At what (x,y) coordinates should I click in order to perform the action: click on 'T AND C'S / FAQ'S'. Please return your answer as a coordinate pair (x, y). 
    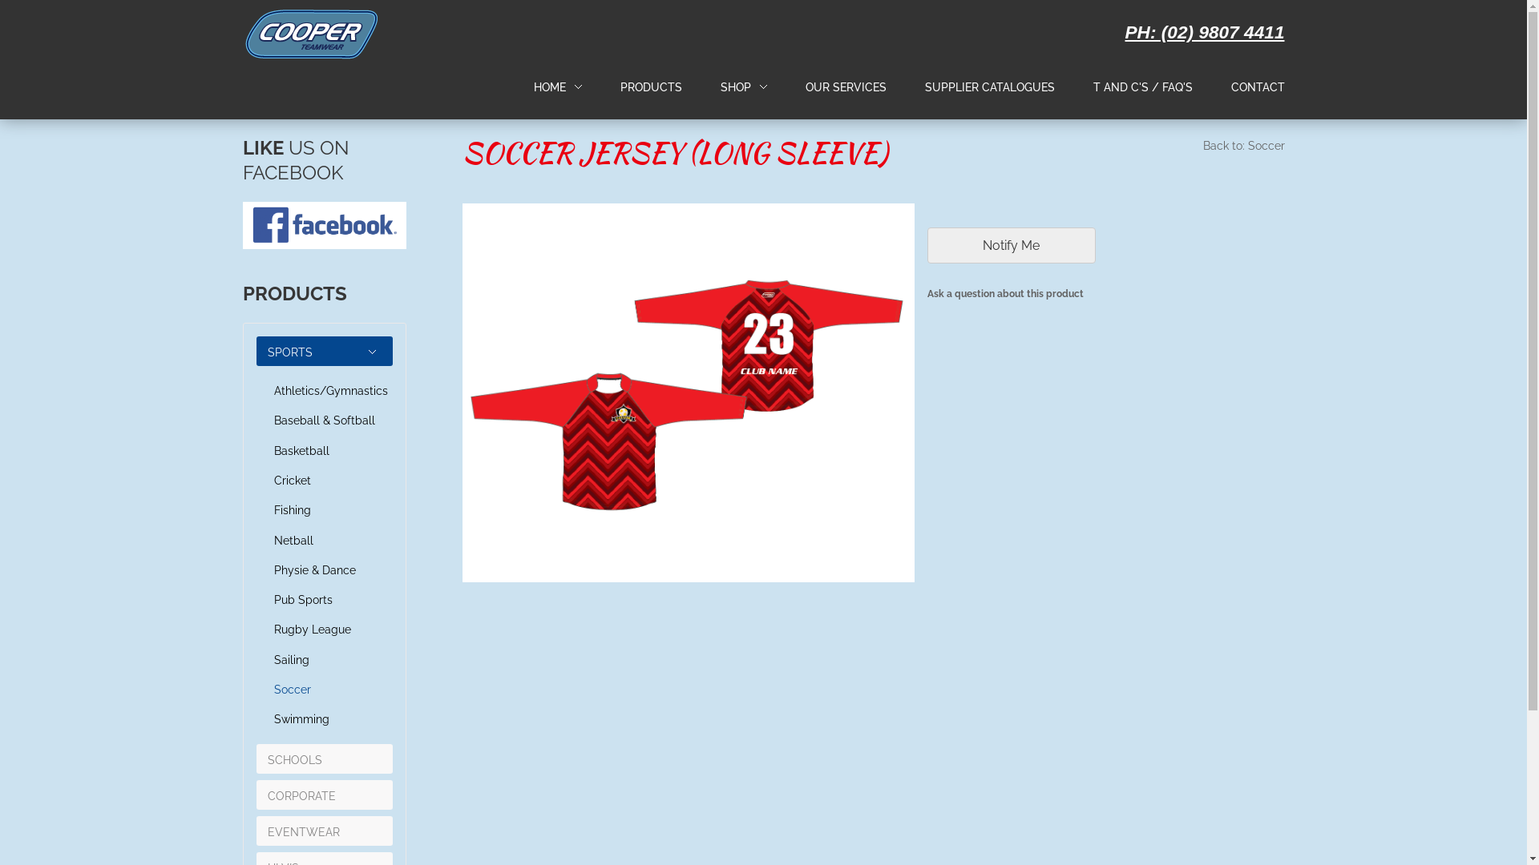
    Looking at the image, I should click on (1141, 88).